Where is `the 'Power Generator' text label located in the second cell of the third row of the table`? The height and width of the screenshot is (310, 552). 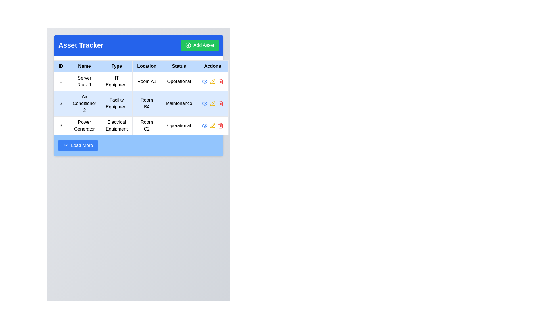
the 'Power Generator' text label located in the second cell of the third row of the table is located at coordinates (84, 125).